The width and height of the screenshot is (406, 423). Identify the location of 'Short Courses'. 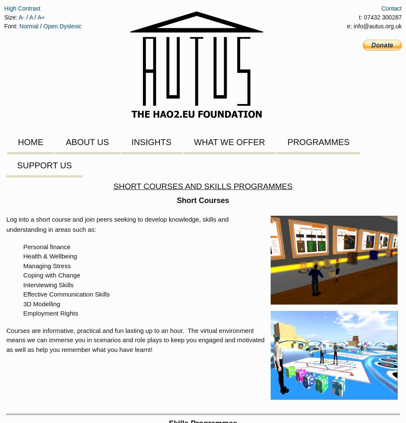
(176, 200).